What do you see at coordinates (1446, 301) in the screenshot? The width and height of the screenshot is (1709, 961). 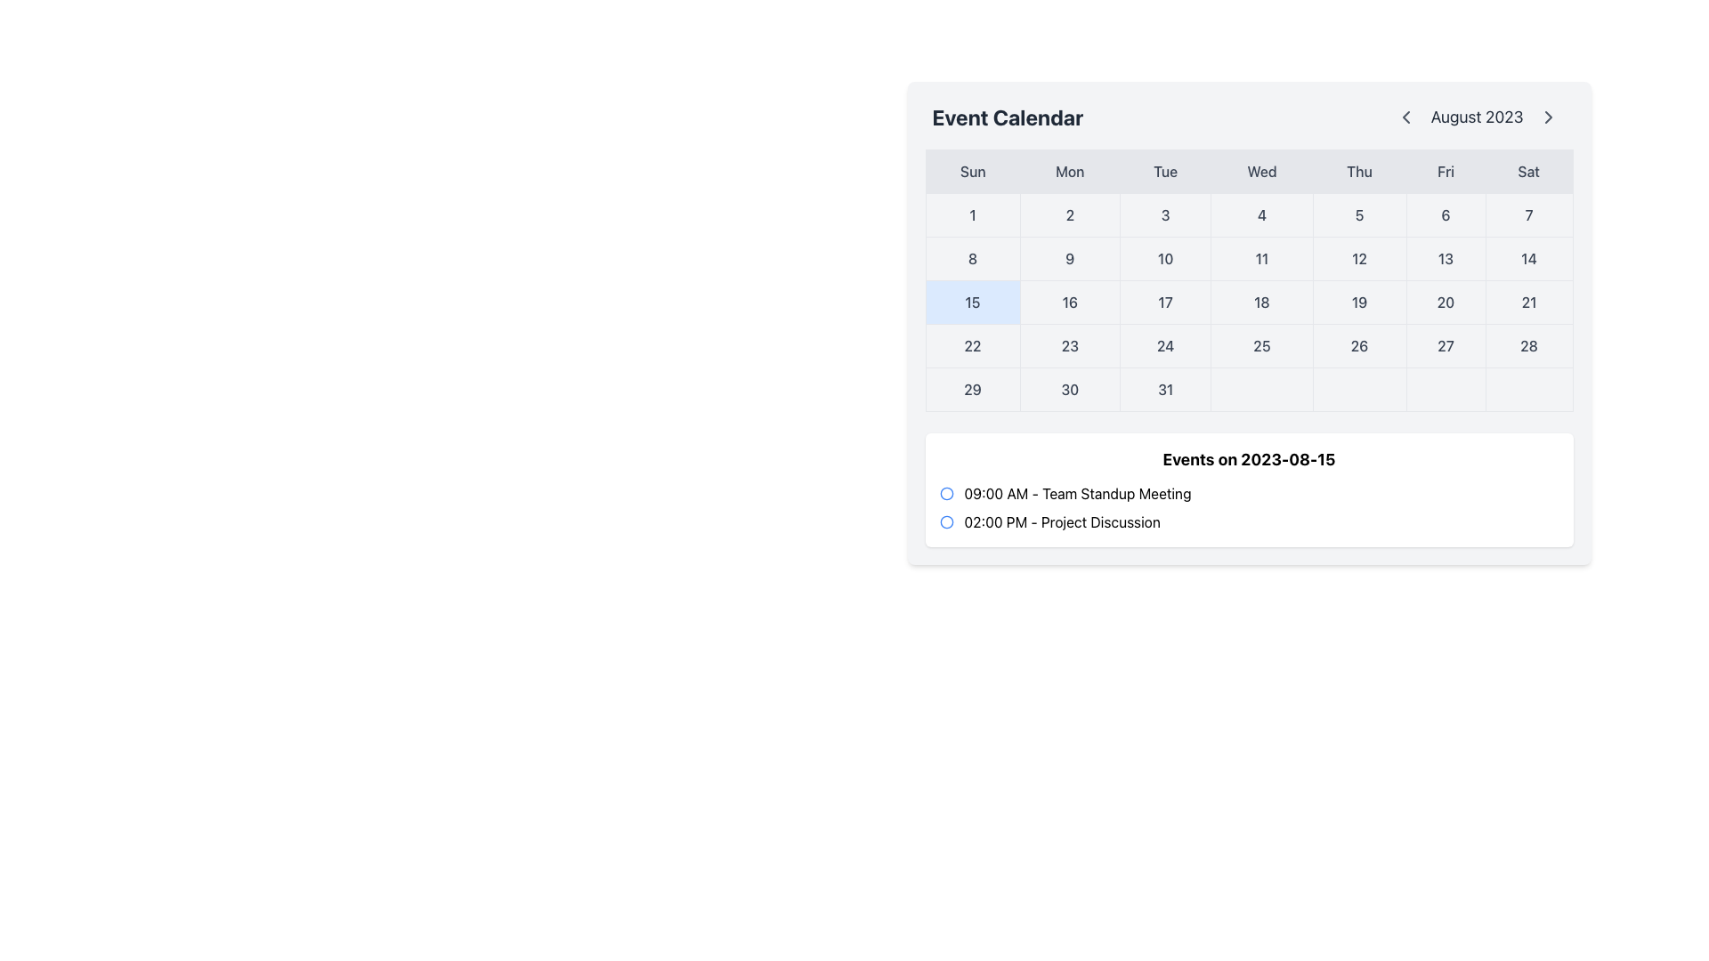 I see `the calendar day cell displaying the number '20'` at bounding box center [1446, 301].